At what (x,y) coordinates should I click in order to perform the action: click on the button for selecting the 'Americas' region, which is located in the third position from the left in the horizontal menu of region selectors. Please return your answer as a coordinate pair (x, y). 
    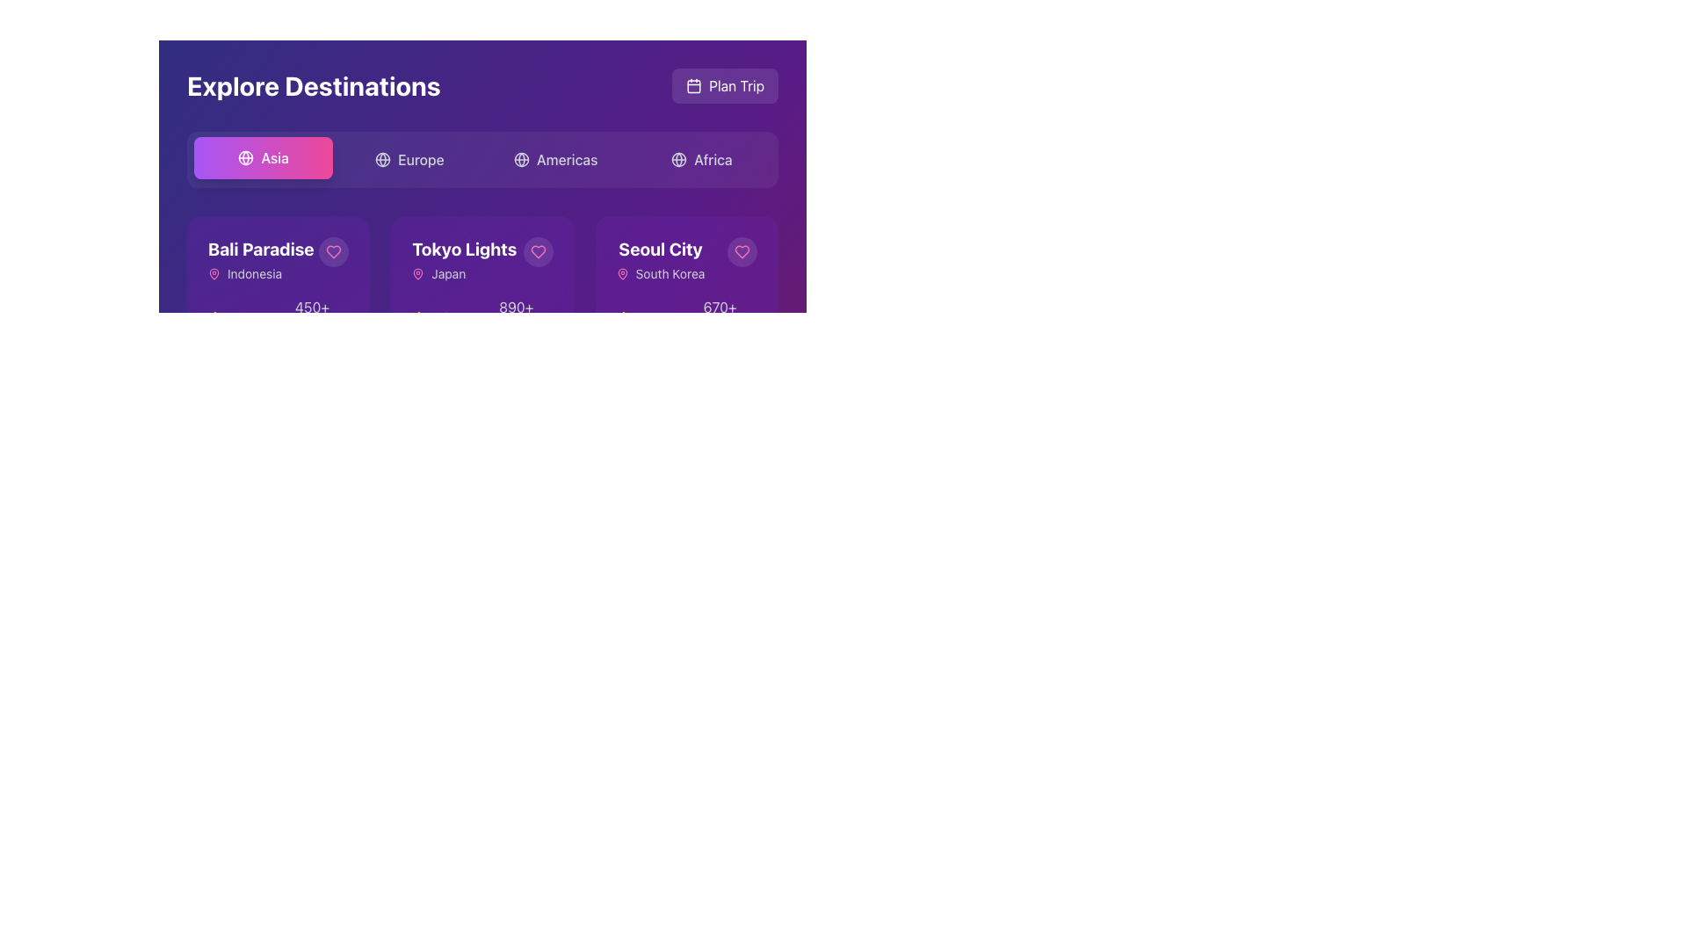
    Looking at the image, I should click on (554, 159).